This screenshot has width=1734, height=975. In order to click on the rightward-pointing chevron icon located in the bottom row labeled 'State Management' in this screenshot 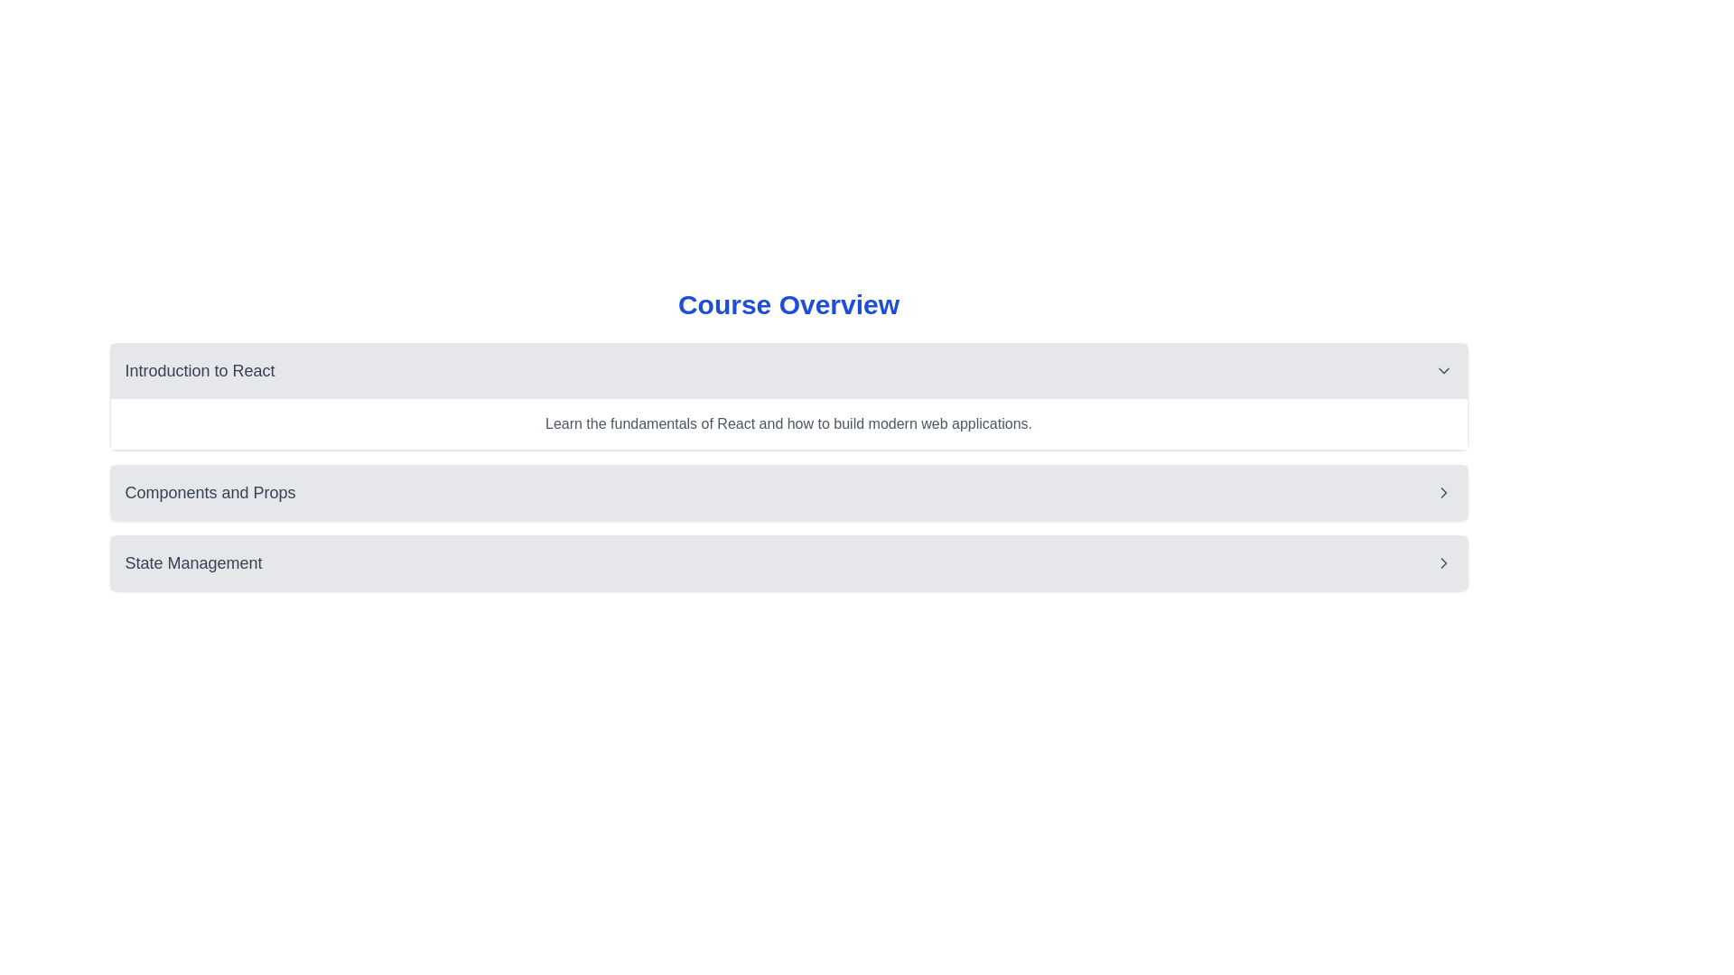, I will do `click(1442, 562)`.